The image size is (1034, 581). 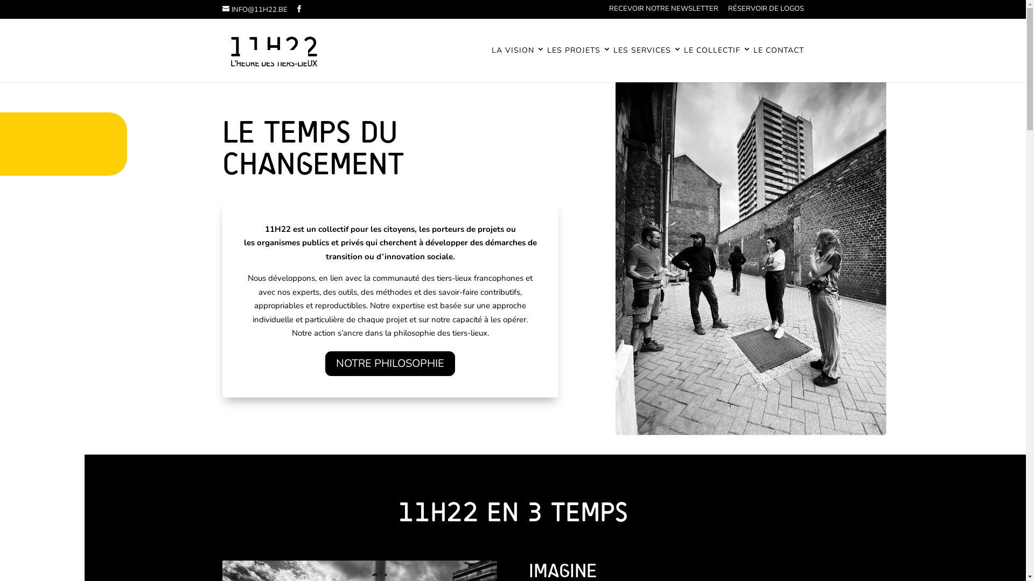 I want to click on 'IMG_4353', so click(x=722, y=216).